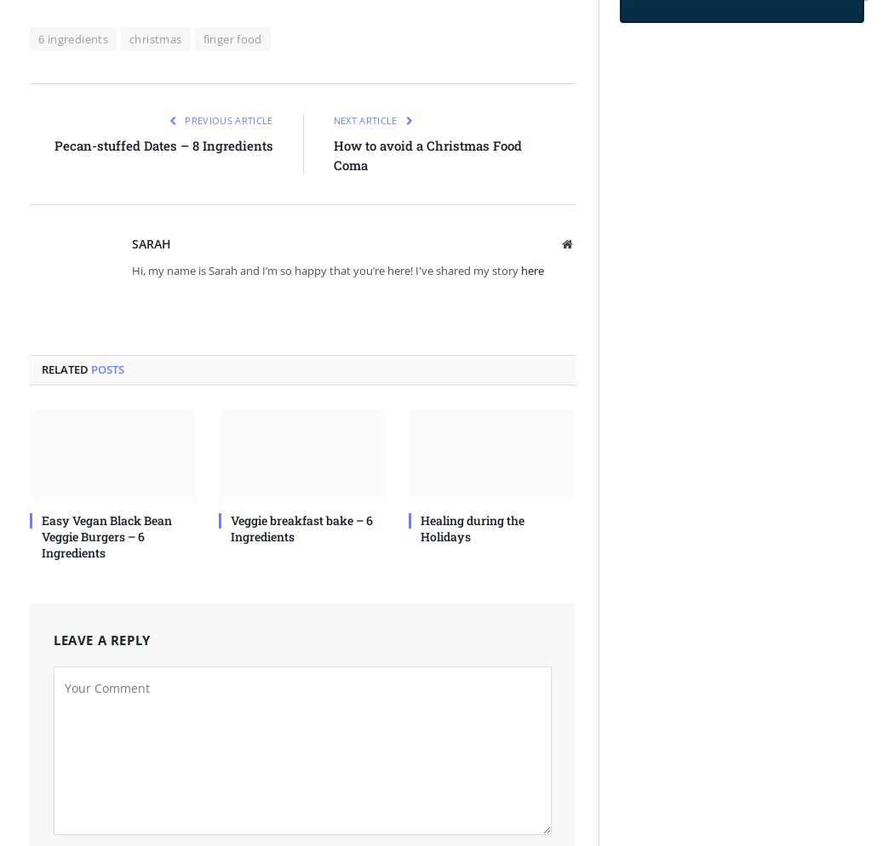 This screenshot has height=846, width=894. Describe the element at coordinates (100, 637) in the screenshot. I see `'Leave A Reply'` at that location.